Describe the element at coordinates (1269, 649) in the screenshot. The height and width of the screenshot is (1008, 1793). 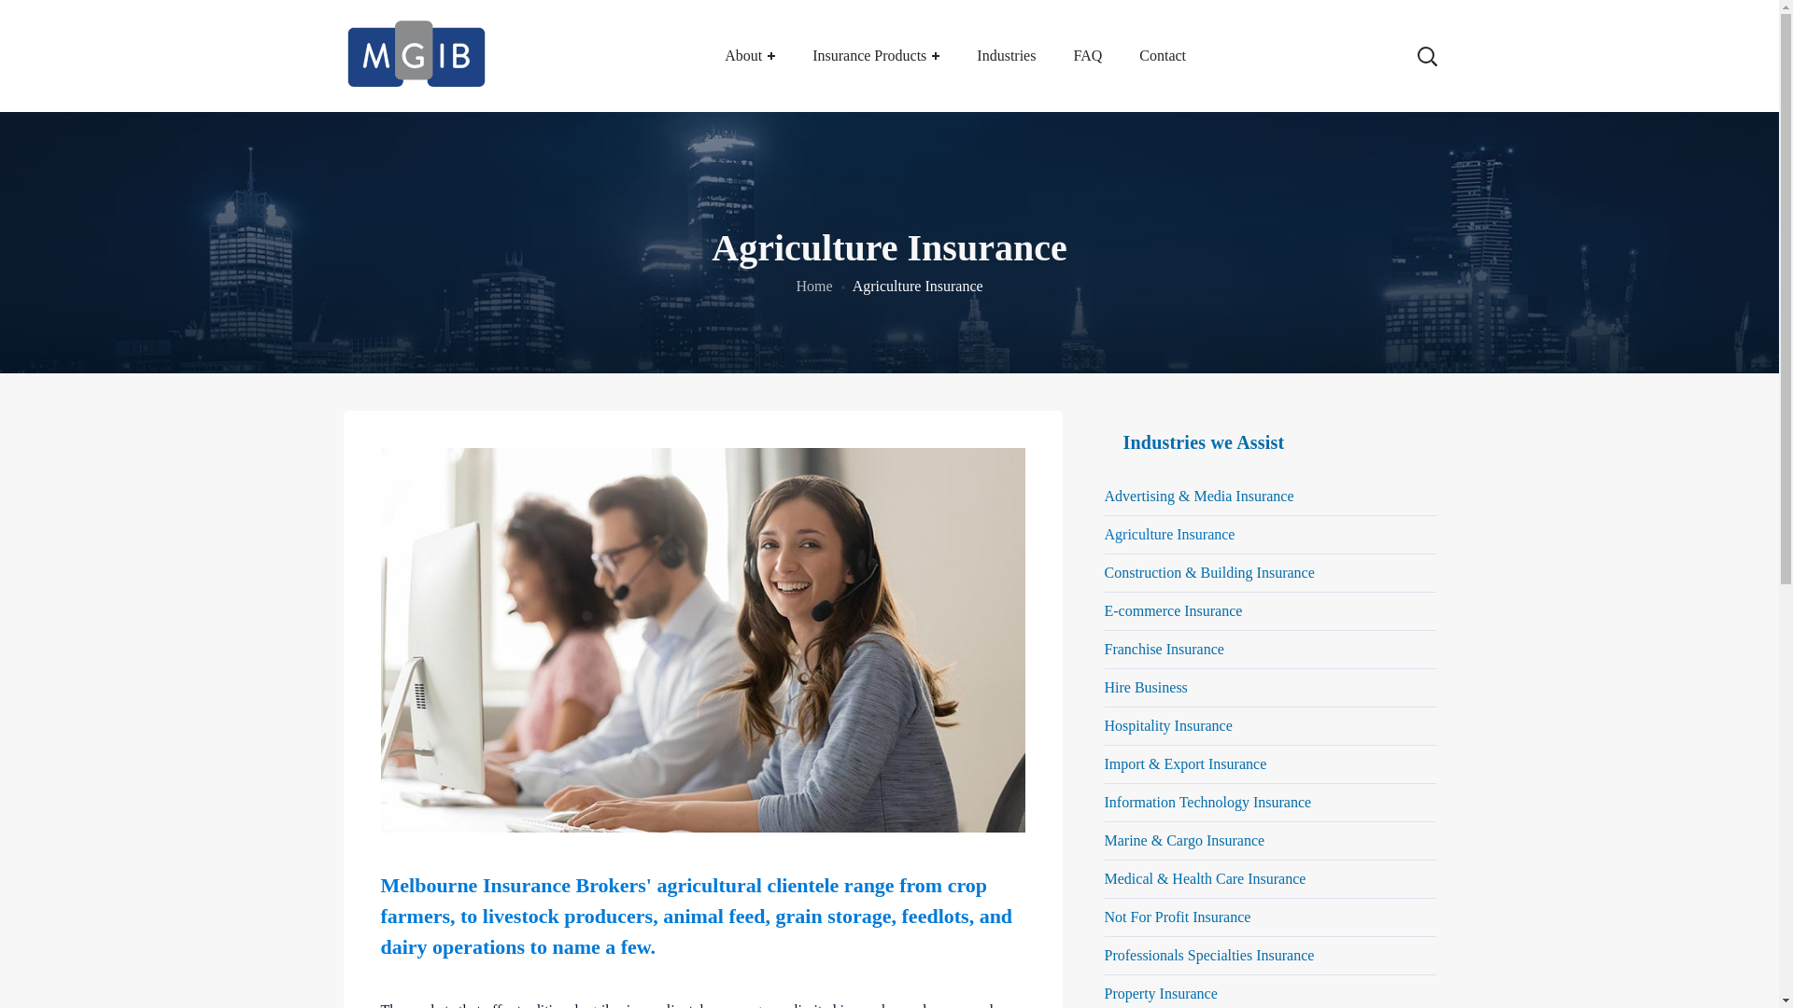
I see `'Franchise Insurance'` at that location.